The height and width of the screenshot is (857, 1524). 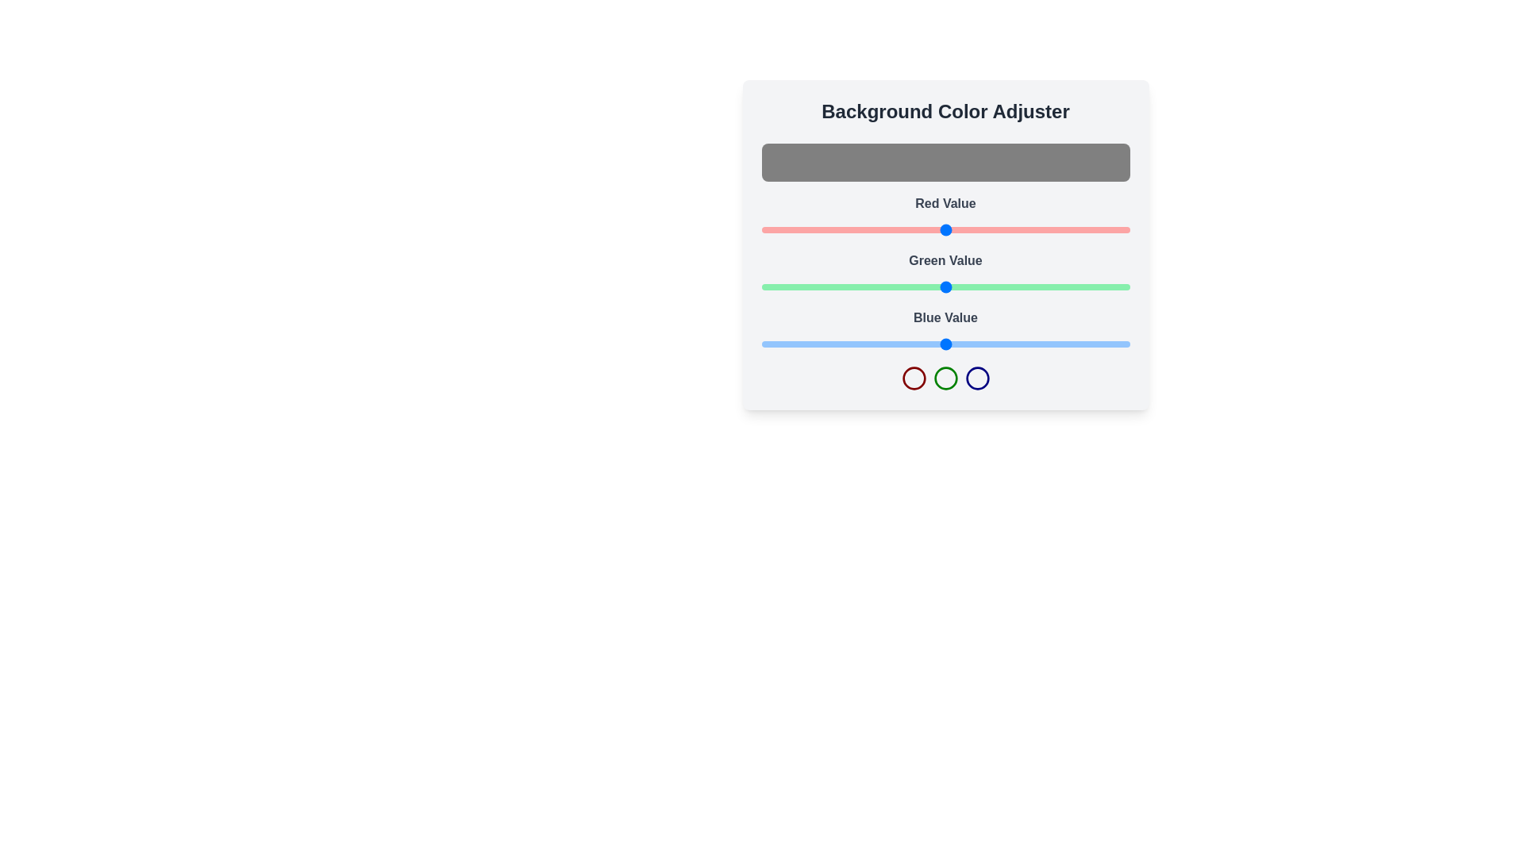 I want to click on the blue slider to set the blue value to 59, so click(x=845, y=344).